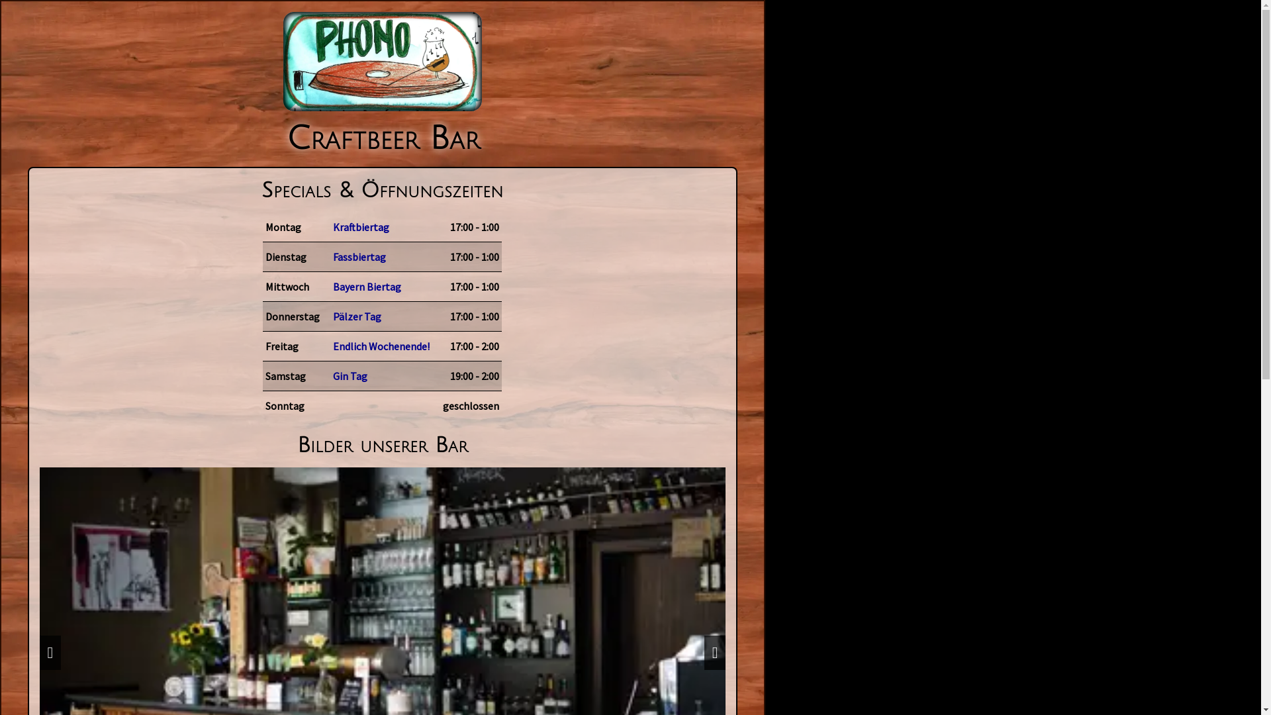  Describe the element at coordinates (381, 346) in the screenshot. I see `'Endlich Wochenende!'` at that location.